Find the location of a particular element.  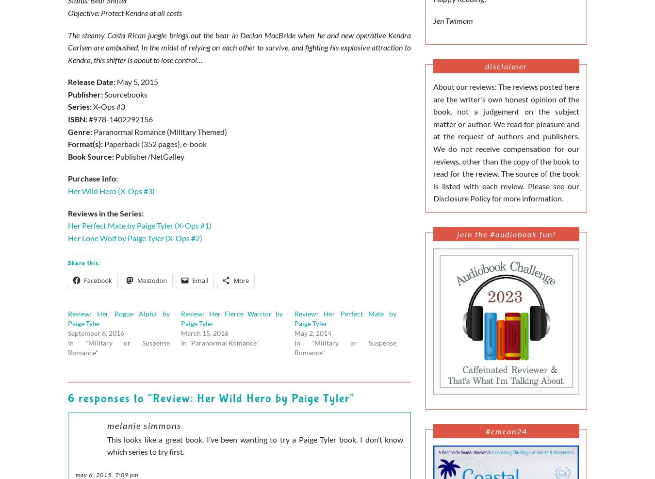

'#978-1402292156' is located at coordinates (120, 119).